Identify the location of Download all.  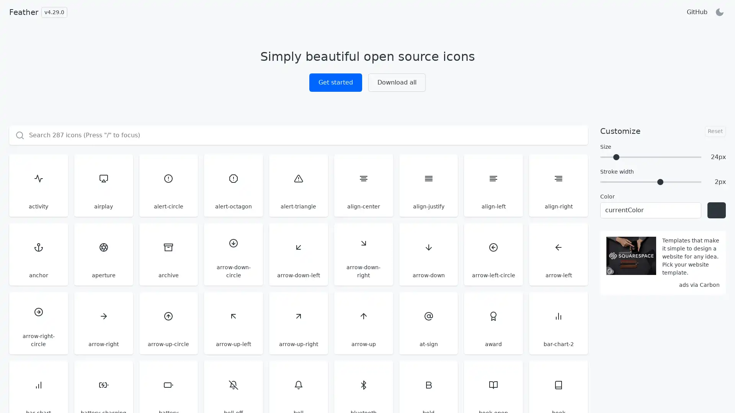
(397, 83).